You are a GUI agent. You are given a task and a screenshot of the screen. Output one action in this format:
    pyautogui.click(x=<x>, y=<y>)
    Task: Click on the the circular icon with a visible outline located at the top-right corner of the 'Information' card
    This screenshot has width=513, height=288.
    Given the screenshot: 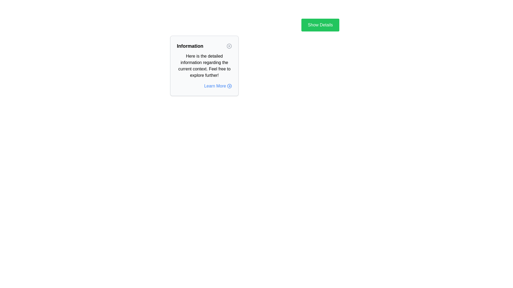 What is the action you would take?
    pyautogui.click(x=229, y=46)
    